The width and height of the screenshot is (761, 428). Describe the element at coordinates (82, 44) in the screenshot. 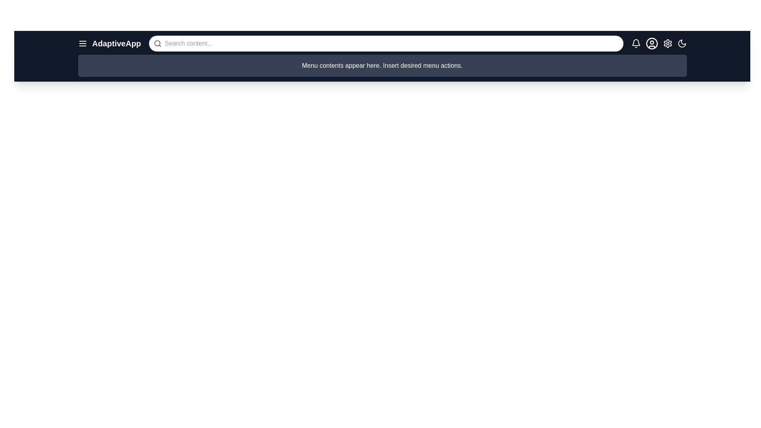

I see `the menu icon to reveal its tooltip` at that location.